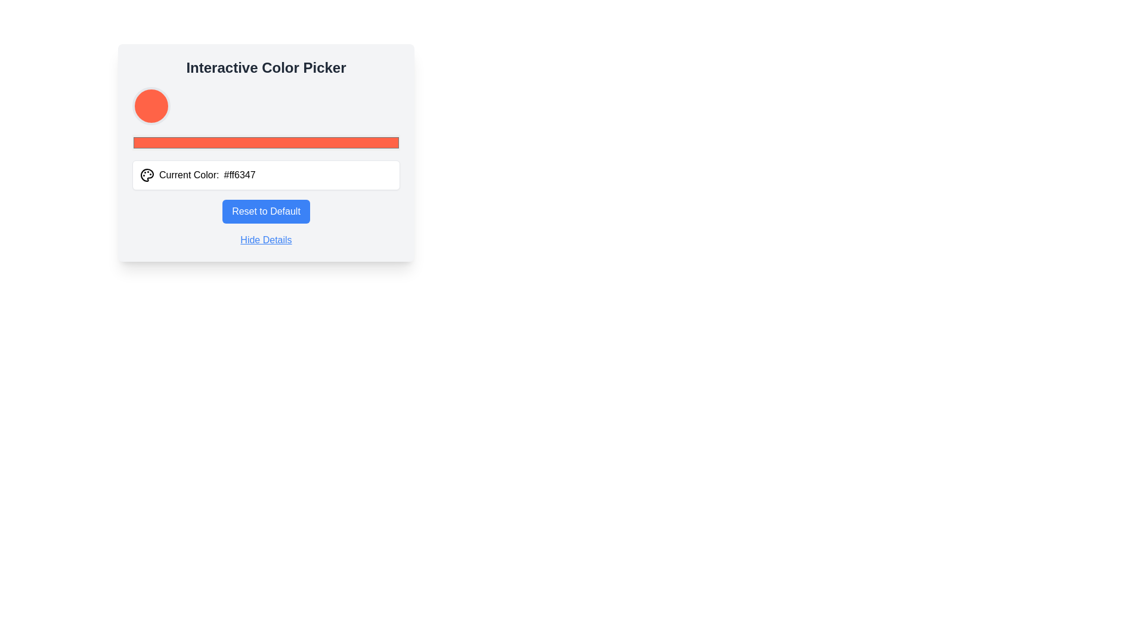  Describe the element at coordinates (146, 175) in the screenshot. I see `the palette icon that is styled with a rounded design and is positioned to the left of the text 'Current Color: #ff6347'` at that location.